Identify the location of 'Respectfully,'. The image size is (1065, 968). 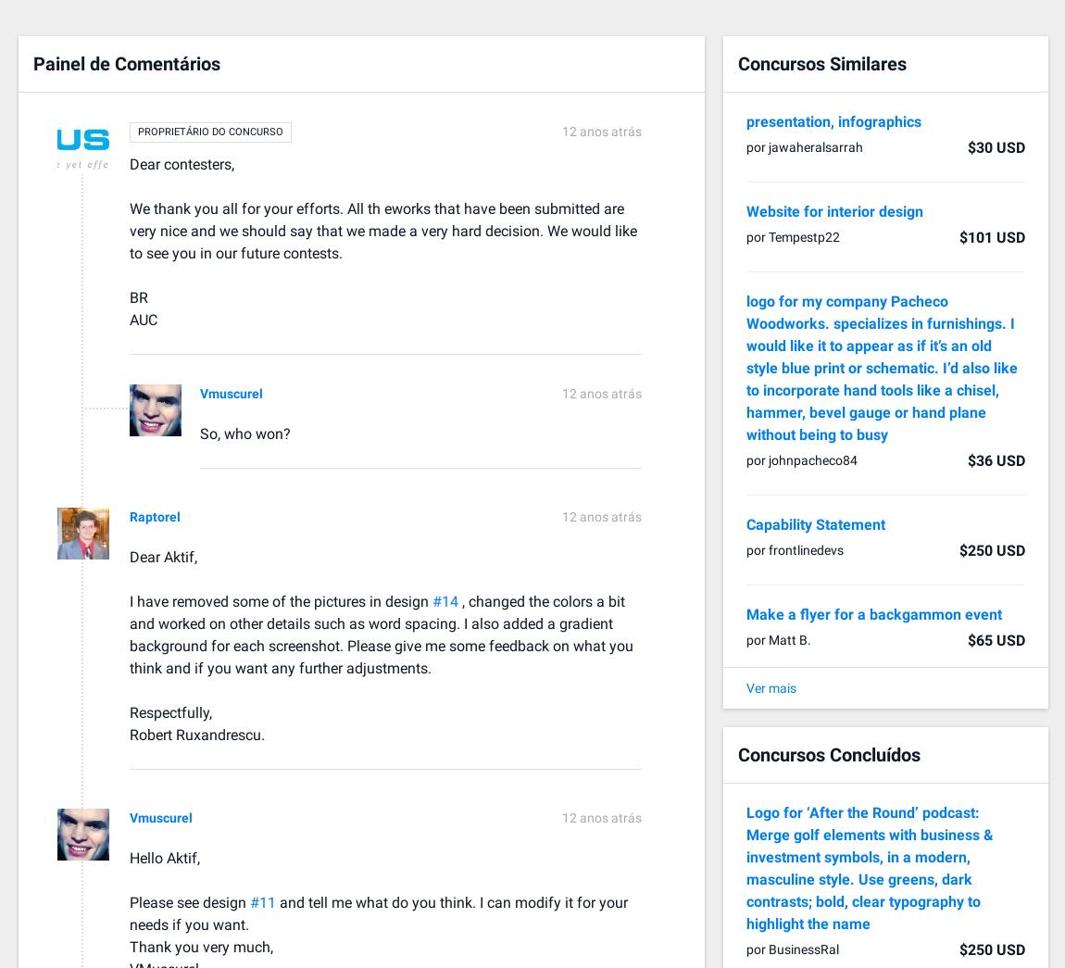
(128, 711).